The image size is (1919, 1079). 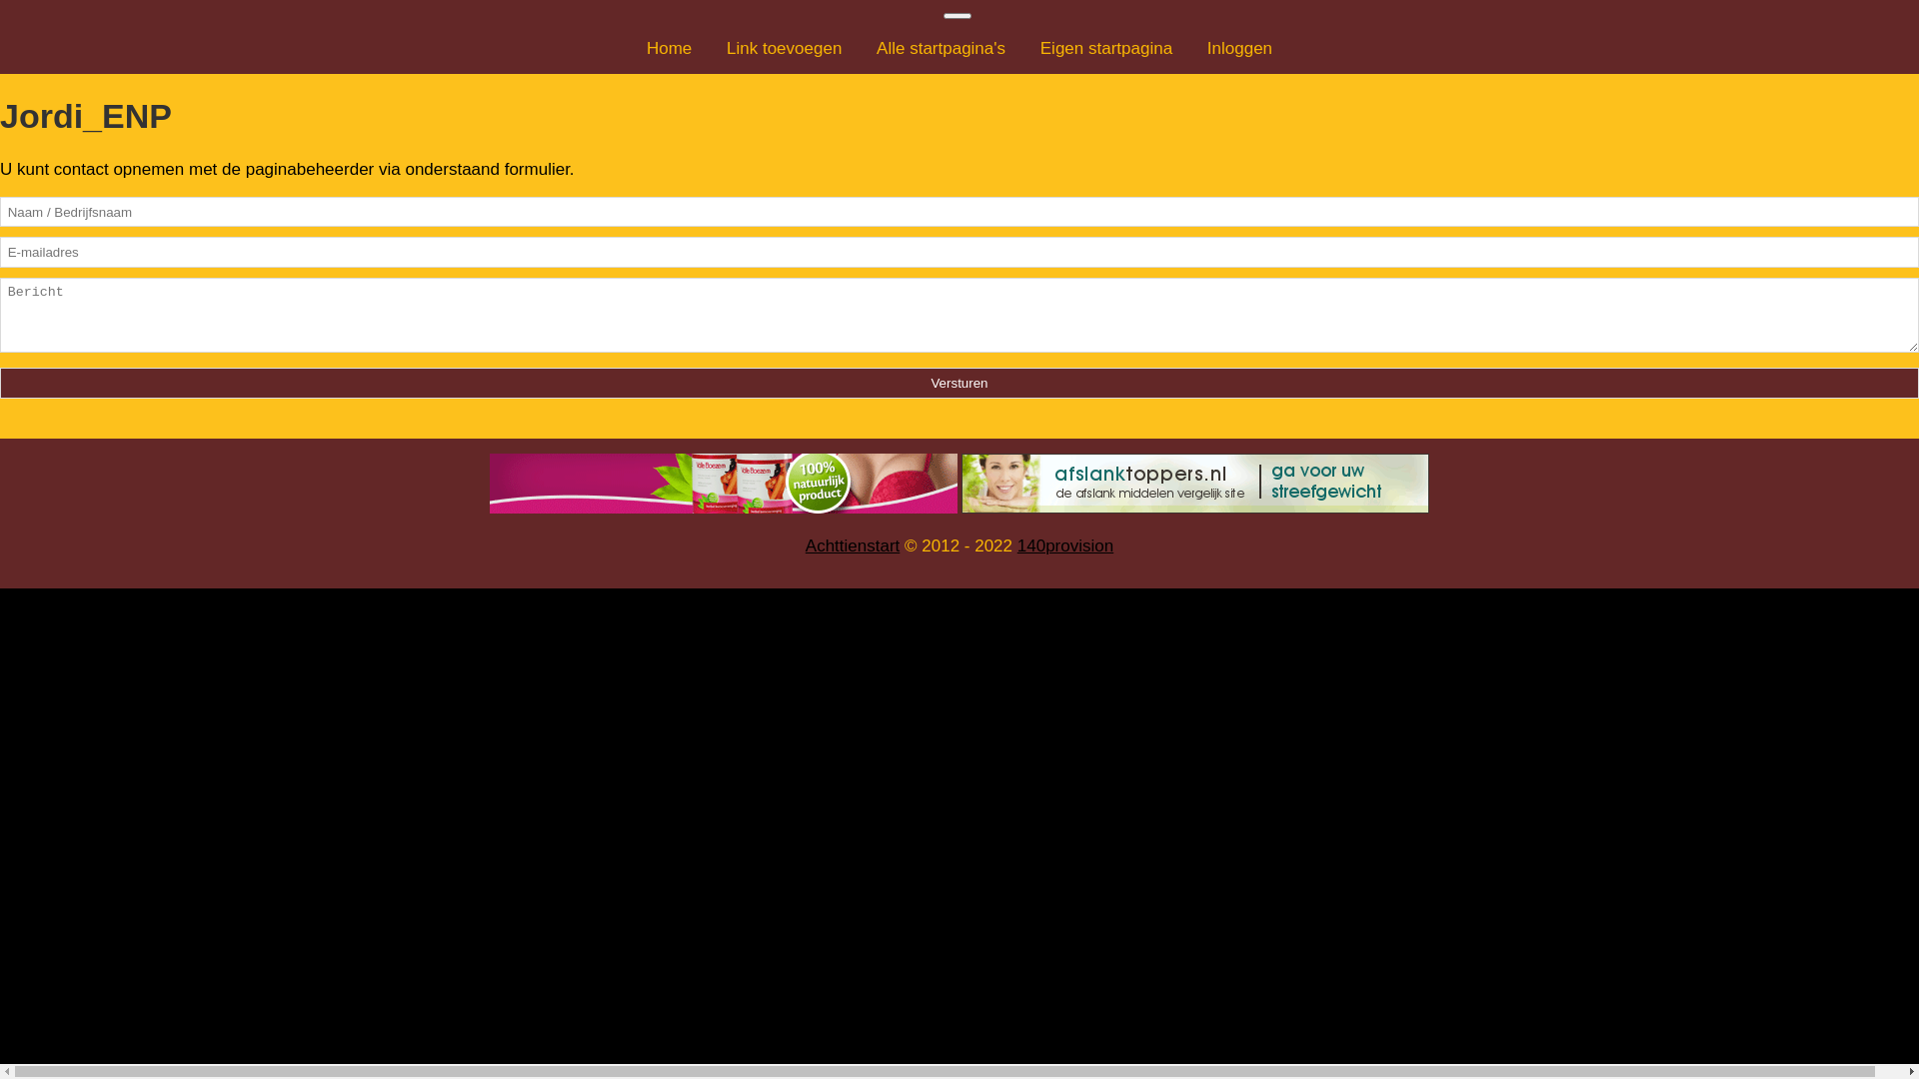 I want to click on 'Eigen startpagina', so click(x=1025, y=47).